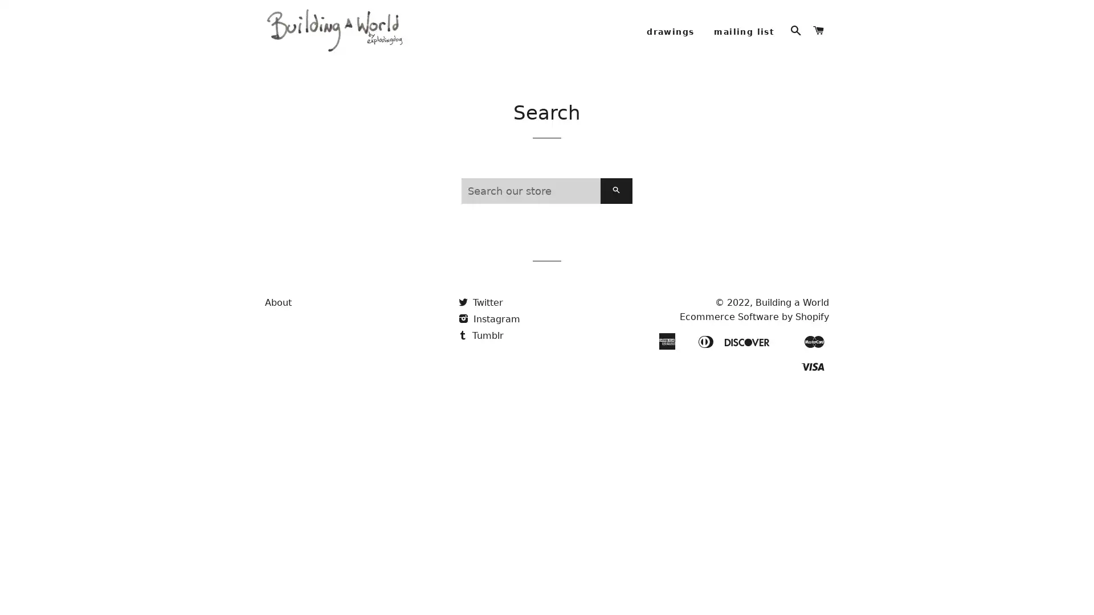 Image resolution: width=1094 pixels, height=615 pixels. What do you see at coordinates (615, 206) in the screenshot?
I see `Search` at bounding box center [615, 206].